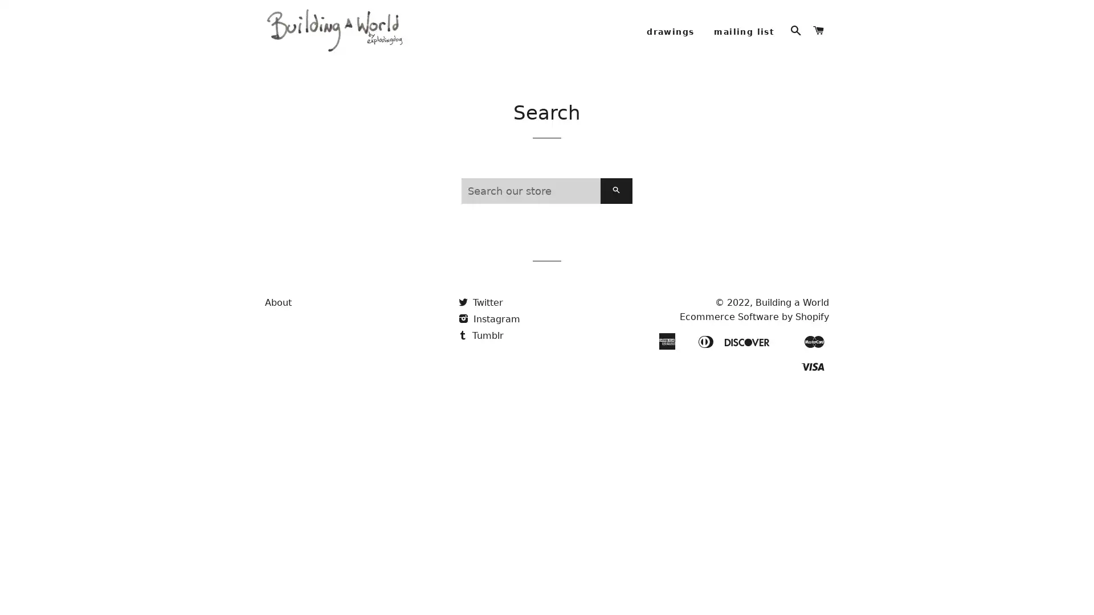 Image resolution: width=1094 pixels, height=615 pixels. What do you see at coordinates (615, 206) in the screenshot?
I see `Search` at bounding box center [615, 206].